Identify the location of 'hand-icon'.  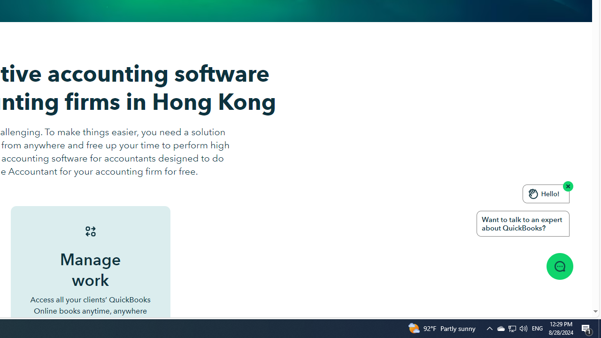
(533, 193).